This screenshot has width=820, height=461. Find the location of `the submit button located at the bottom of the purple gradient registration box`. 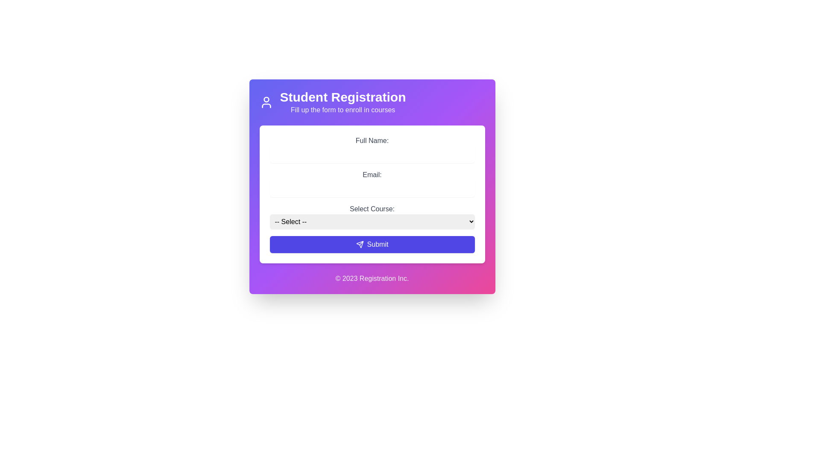

the submit button located at the bottom of the purple gradient registration box is located at coordinates (372, 245).